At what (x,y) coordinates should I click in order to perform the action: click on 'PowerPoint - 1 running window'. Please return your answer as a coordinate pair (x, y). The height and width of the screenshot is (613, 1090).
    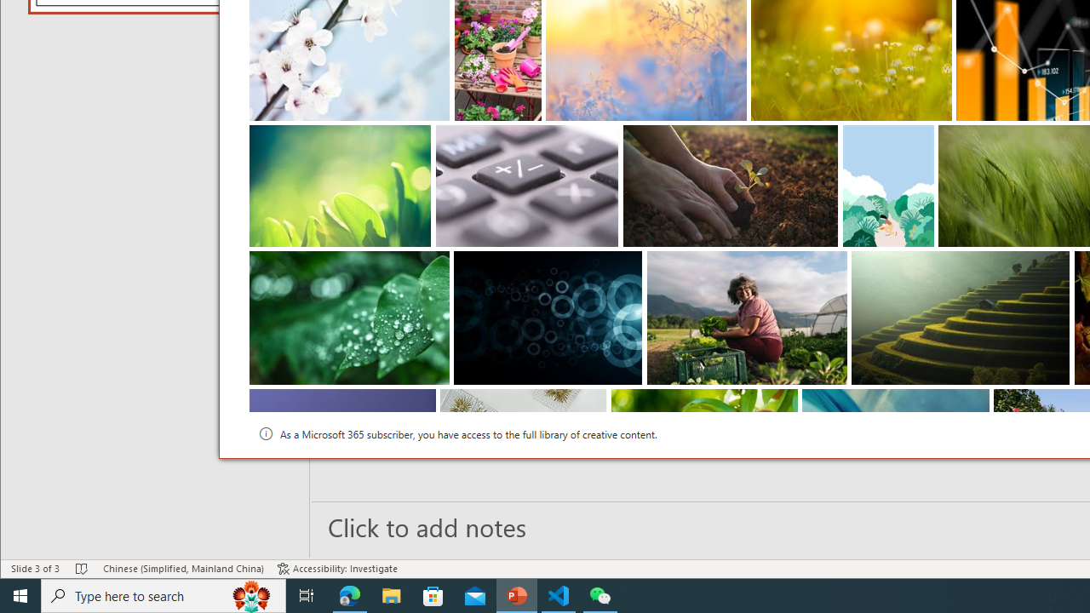
    Looking at the image, I should click on (516, 594).